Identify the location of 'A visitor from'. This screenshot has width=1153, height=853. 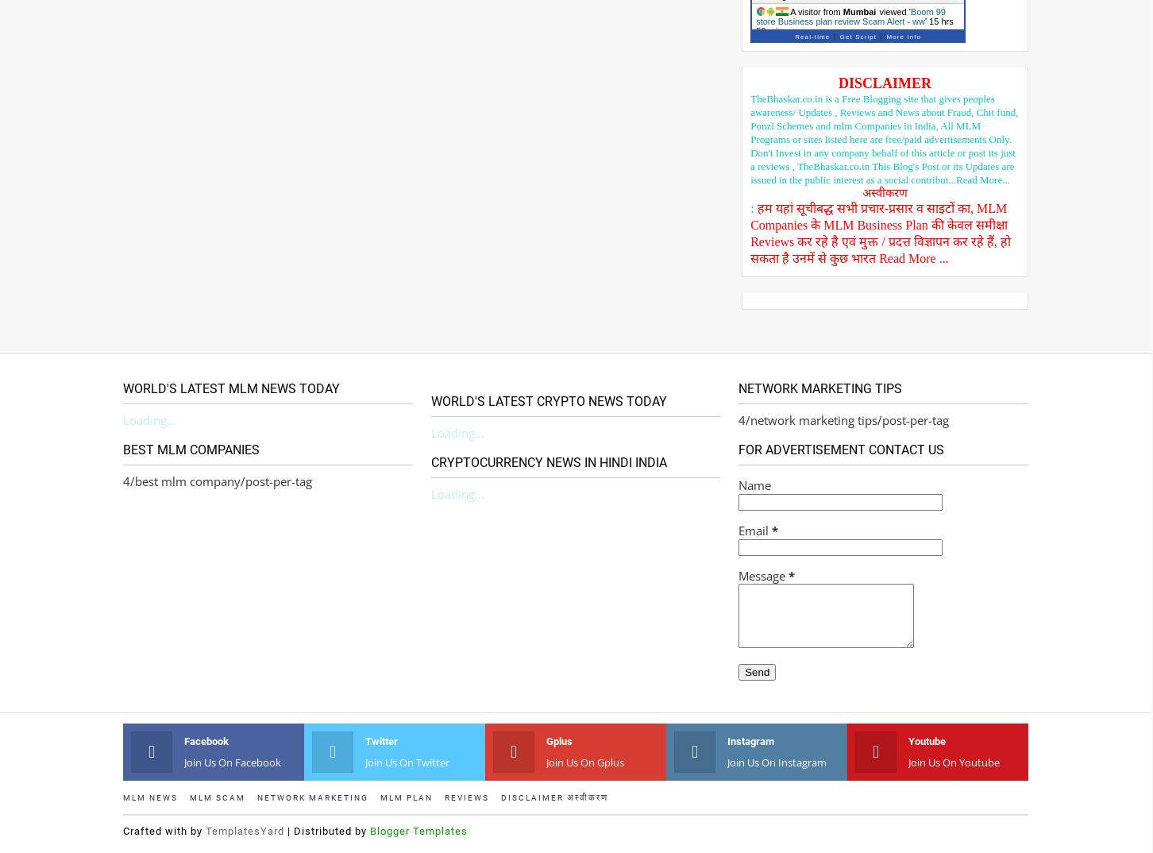
(814, 11).